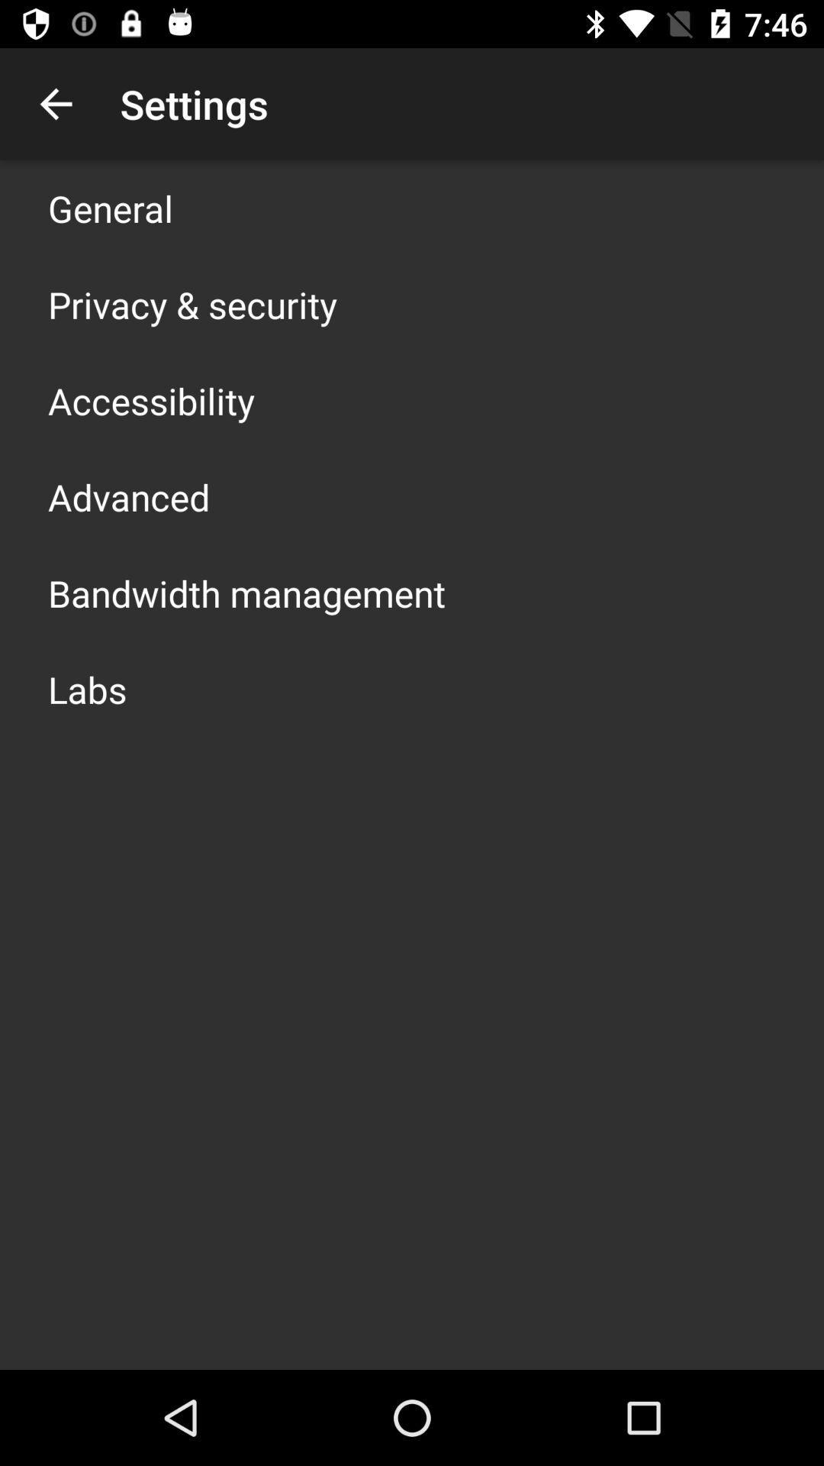 The image size is (824, 1466). What do you see at coordinates (110, 208) in the screenshot?
I see `general app` at bounding box center [110, 208].